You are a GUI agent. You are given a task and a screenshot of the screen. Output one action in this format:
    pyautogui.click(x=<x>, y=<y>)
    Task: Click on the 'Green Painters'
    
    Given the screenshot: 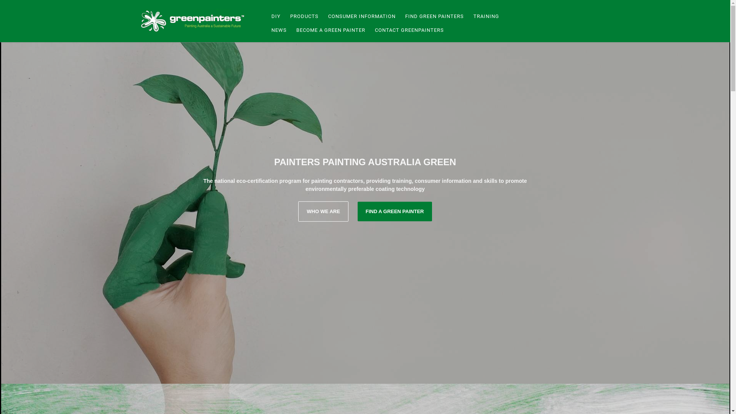 What is the action you would take?
    pyautogui.click(x=195, y=20)
    